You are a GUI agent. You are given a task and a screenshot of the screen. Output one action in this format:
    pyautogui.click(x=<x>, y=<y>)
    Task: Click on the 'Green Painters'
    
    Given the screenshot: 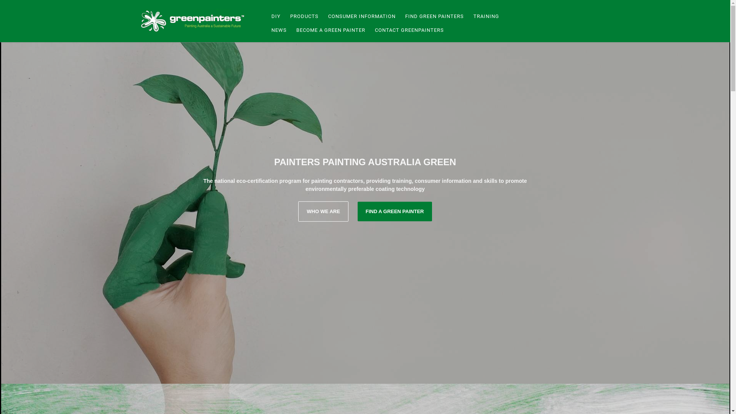 What is the action you would take?
    pyautogui.click(x=195, y=20)
    